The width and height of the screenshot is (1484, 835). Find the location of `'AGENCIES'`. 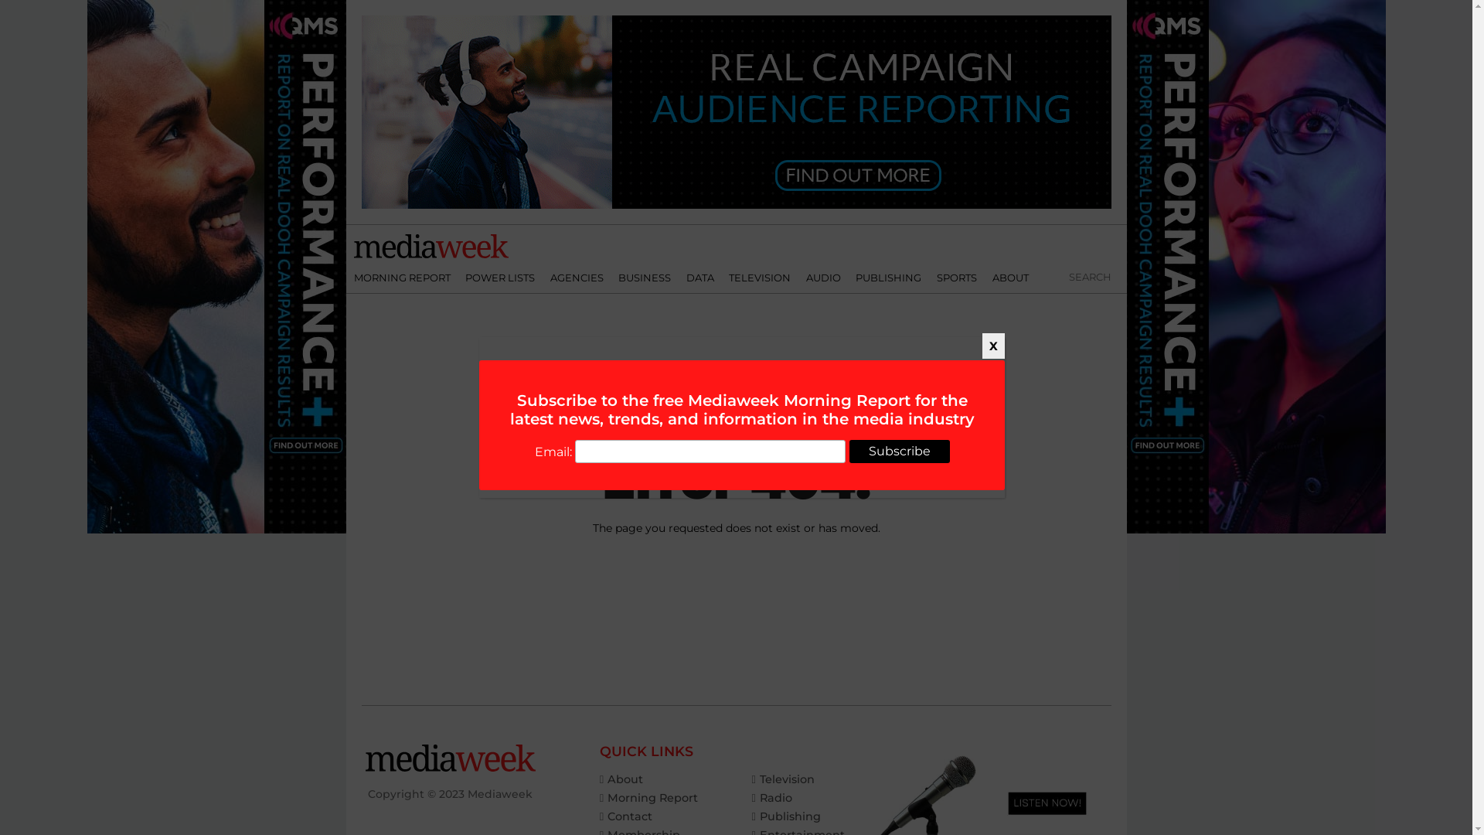

'AGENCIES' is located at coordinates (576, 276).